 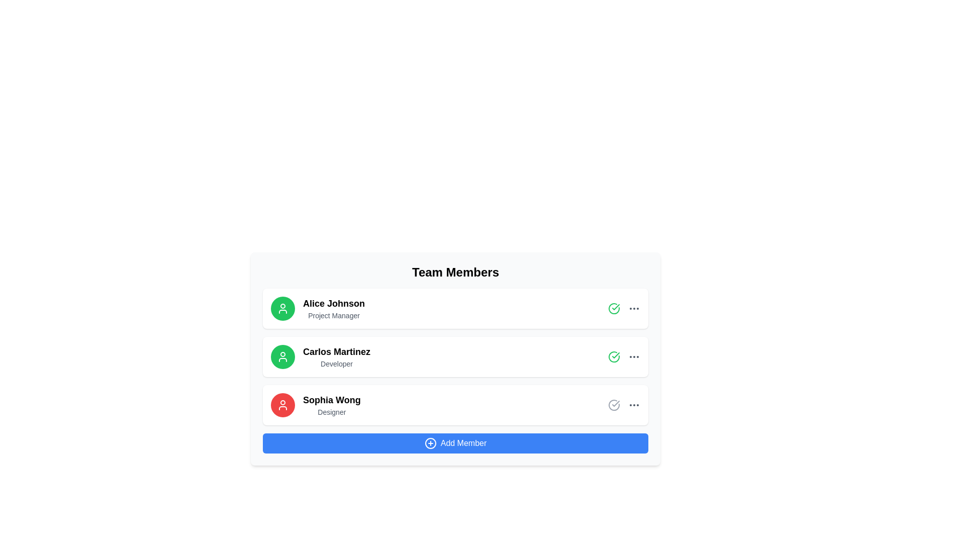 I want to click on the circular blue and white icon with a plus sign inside the prominent 'Add Member' button, so click(x=430, y=443).